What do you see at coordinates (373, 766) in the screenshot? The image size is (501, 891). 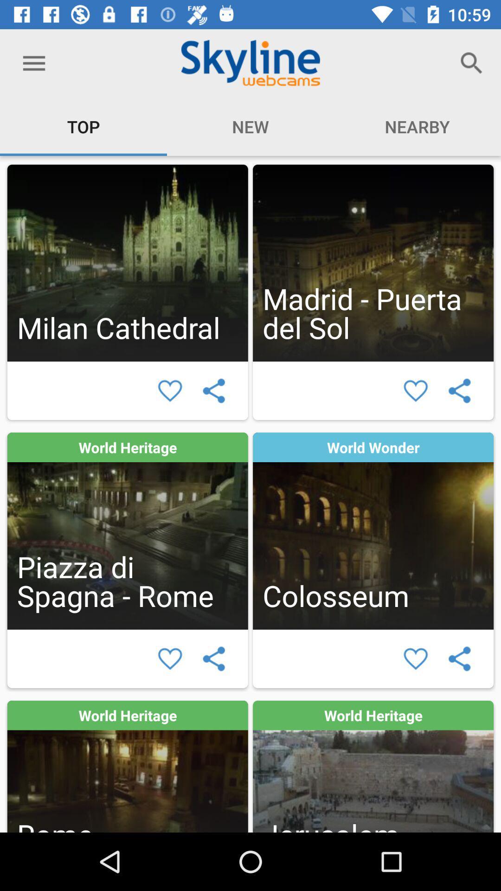 I see `webcam` at bounding box center [373, 766].